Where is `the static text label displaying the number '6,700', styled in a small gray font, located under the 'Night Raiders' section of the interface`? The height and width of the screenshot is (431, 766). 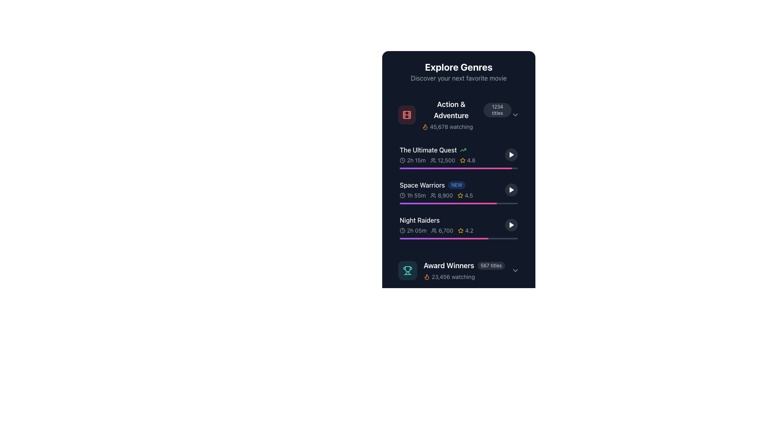 the static text label displaying the number '6,700', styled in a small gray font, located under the 'Night Raiders' section of the interface is located at coordinates (442, 231).